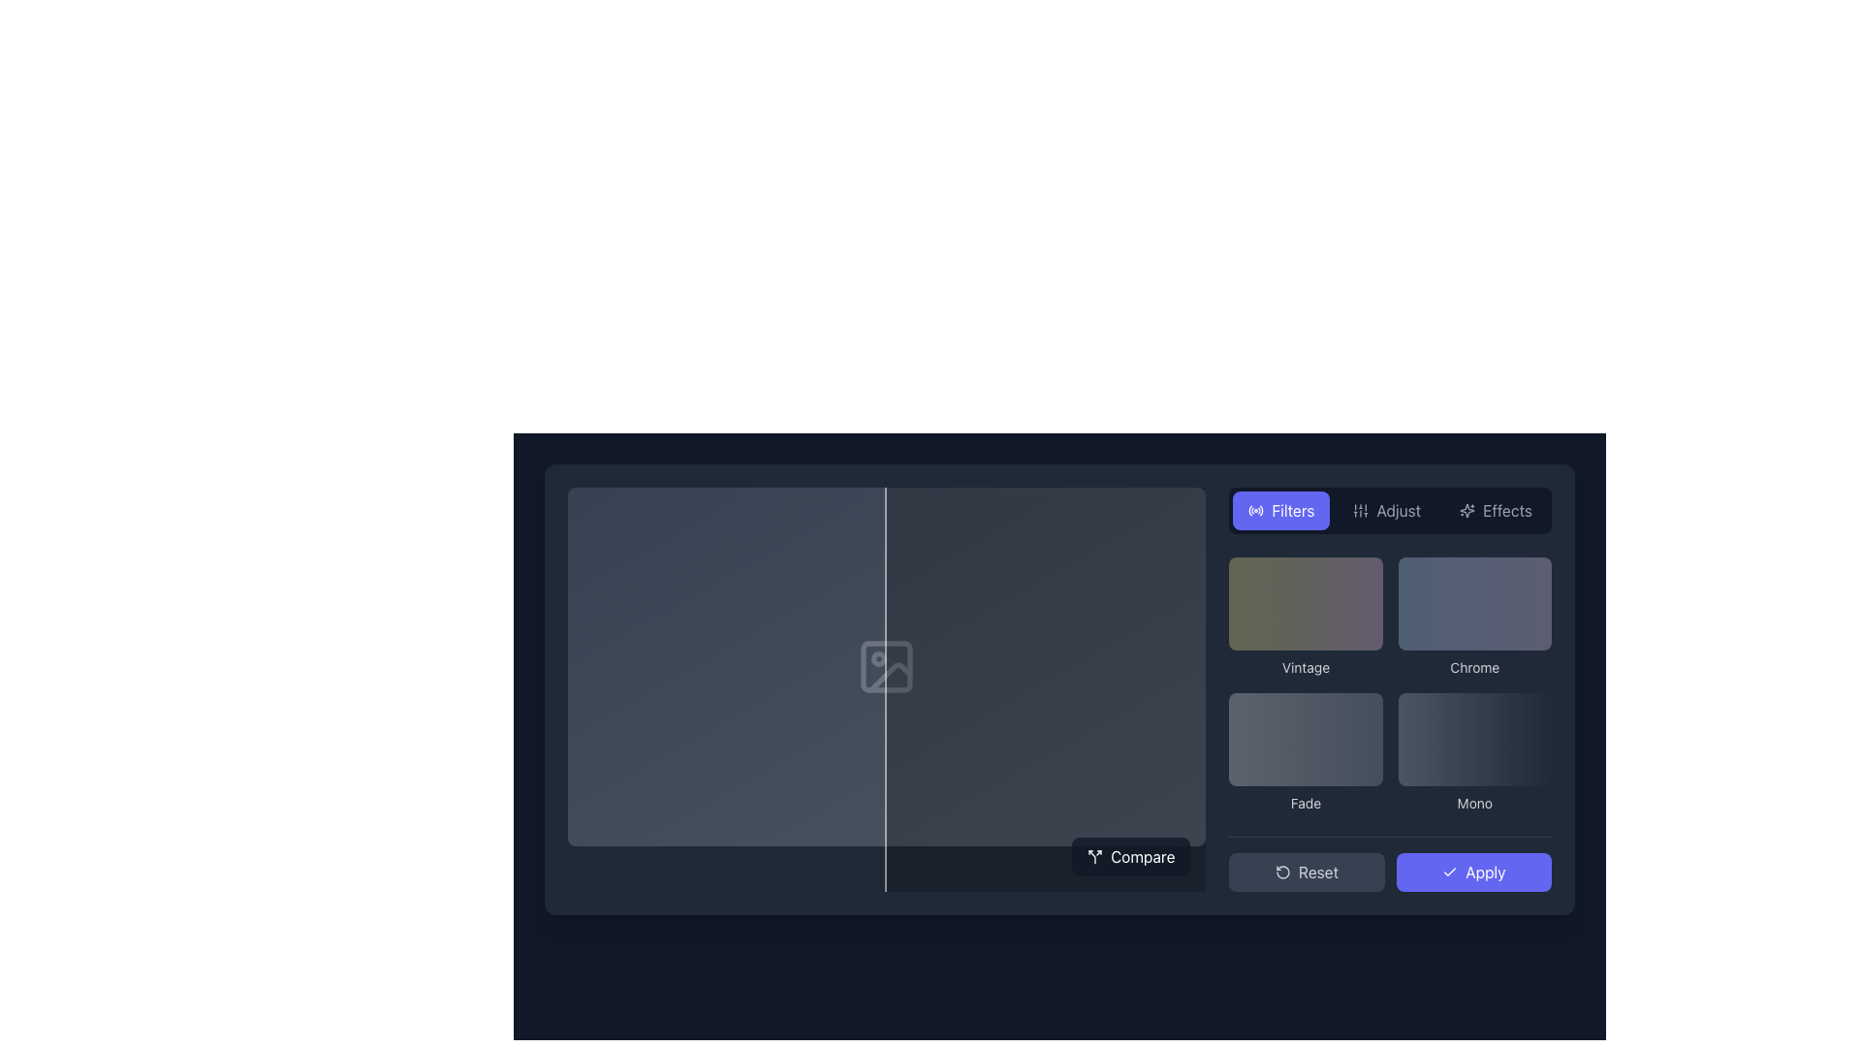 The image size is (1861, 1047). I want to click on the central rectangular component of the image placeholder icon located at the bottom of the main content area, so click(886, 666).